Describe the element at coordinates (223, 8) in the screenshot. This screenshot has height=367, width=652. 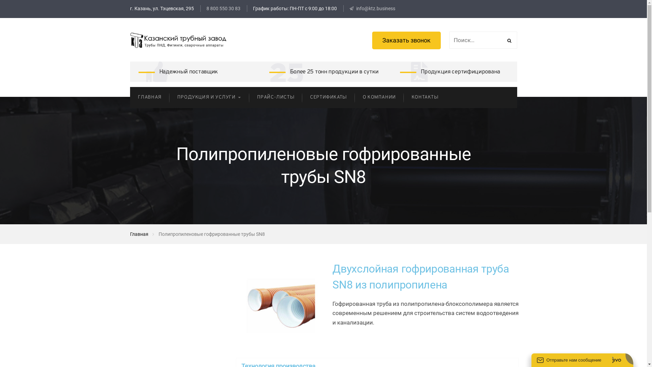
I see `'8 800 550 30 83'` at that location.